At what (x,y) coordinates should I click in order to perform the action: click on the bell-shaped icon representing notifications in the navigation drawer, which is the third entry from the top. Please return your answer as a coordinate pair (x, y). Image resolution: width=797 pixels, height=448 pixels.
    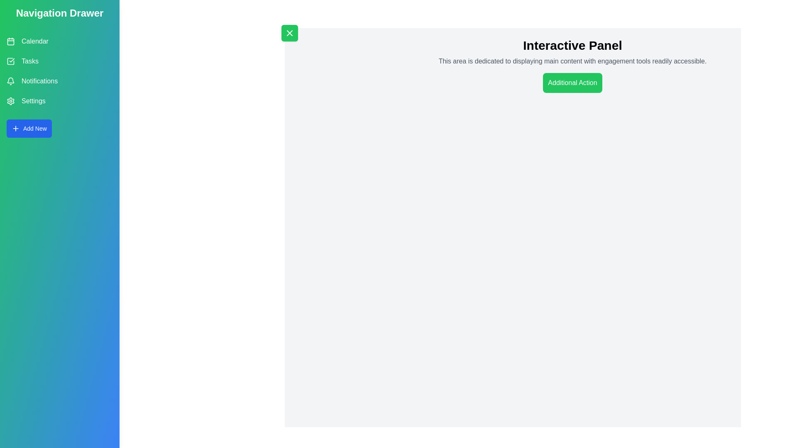
    Looking at the image, I should click on (10, 80).